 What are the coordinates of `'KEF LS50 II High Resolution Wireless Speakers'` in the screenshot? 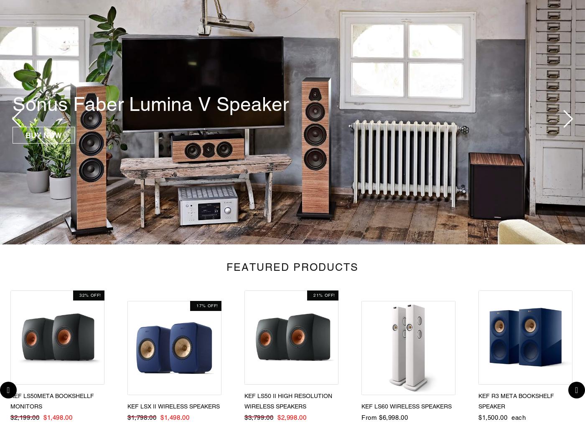 It's located at (288, 401).